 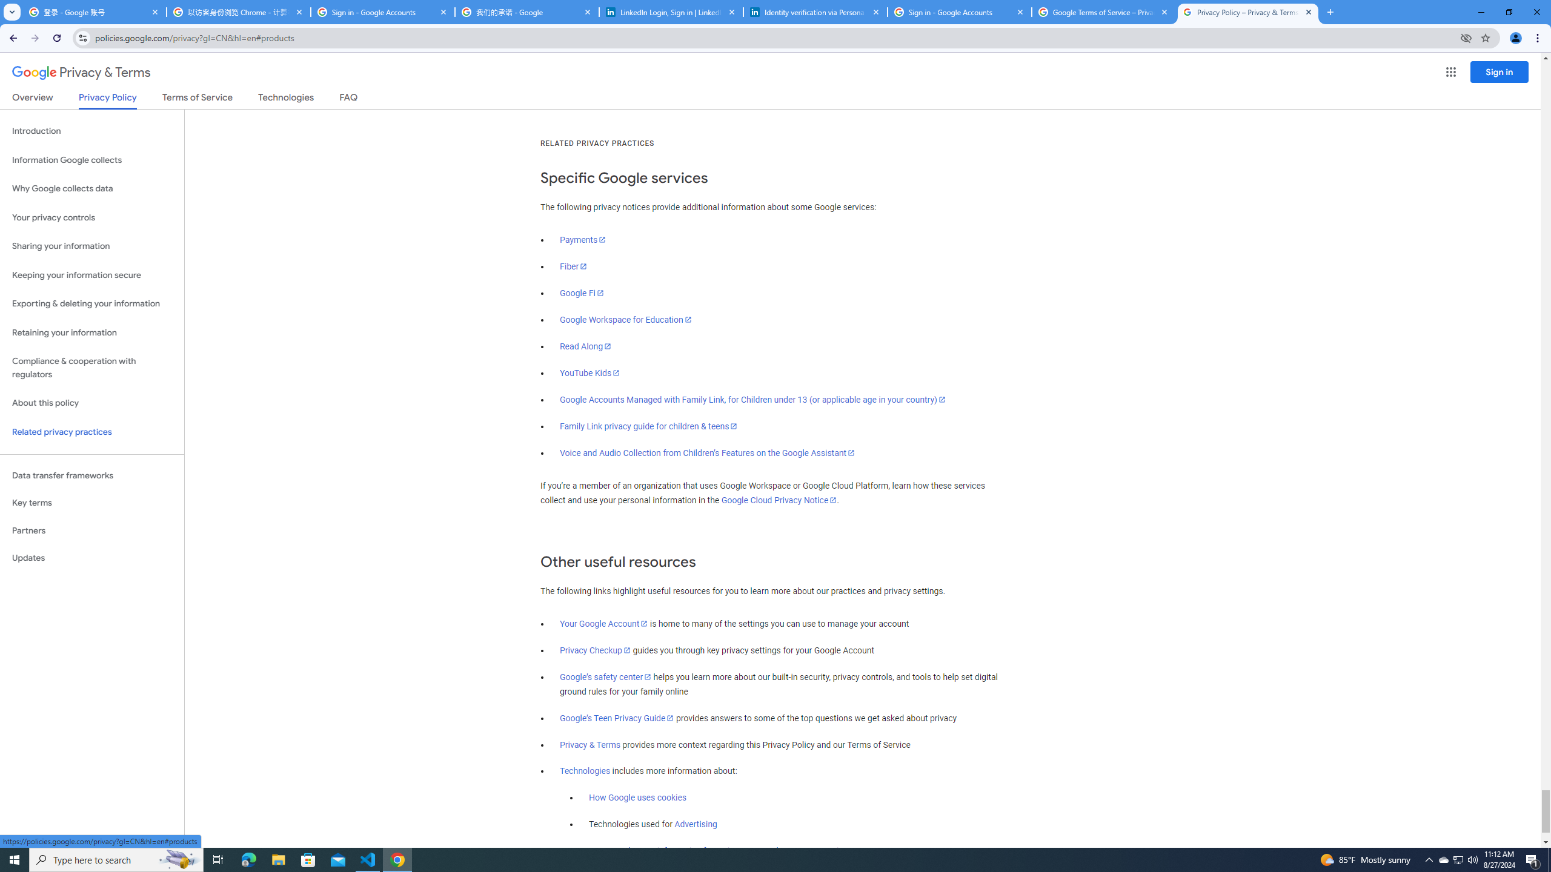 I want to click on 'Google Fi', so click(x=581, y=292).